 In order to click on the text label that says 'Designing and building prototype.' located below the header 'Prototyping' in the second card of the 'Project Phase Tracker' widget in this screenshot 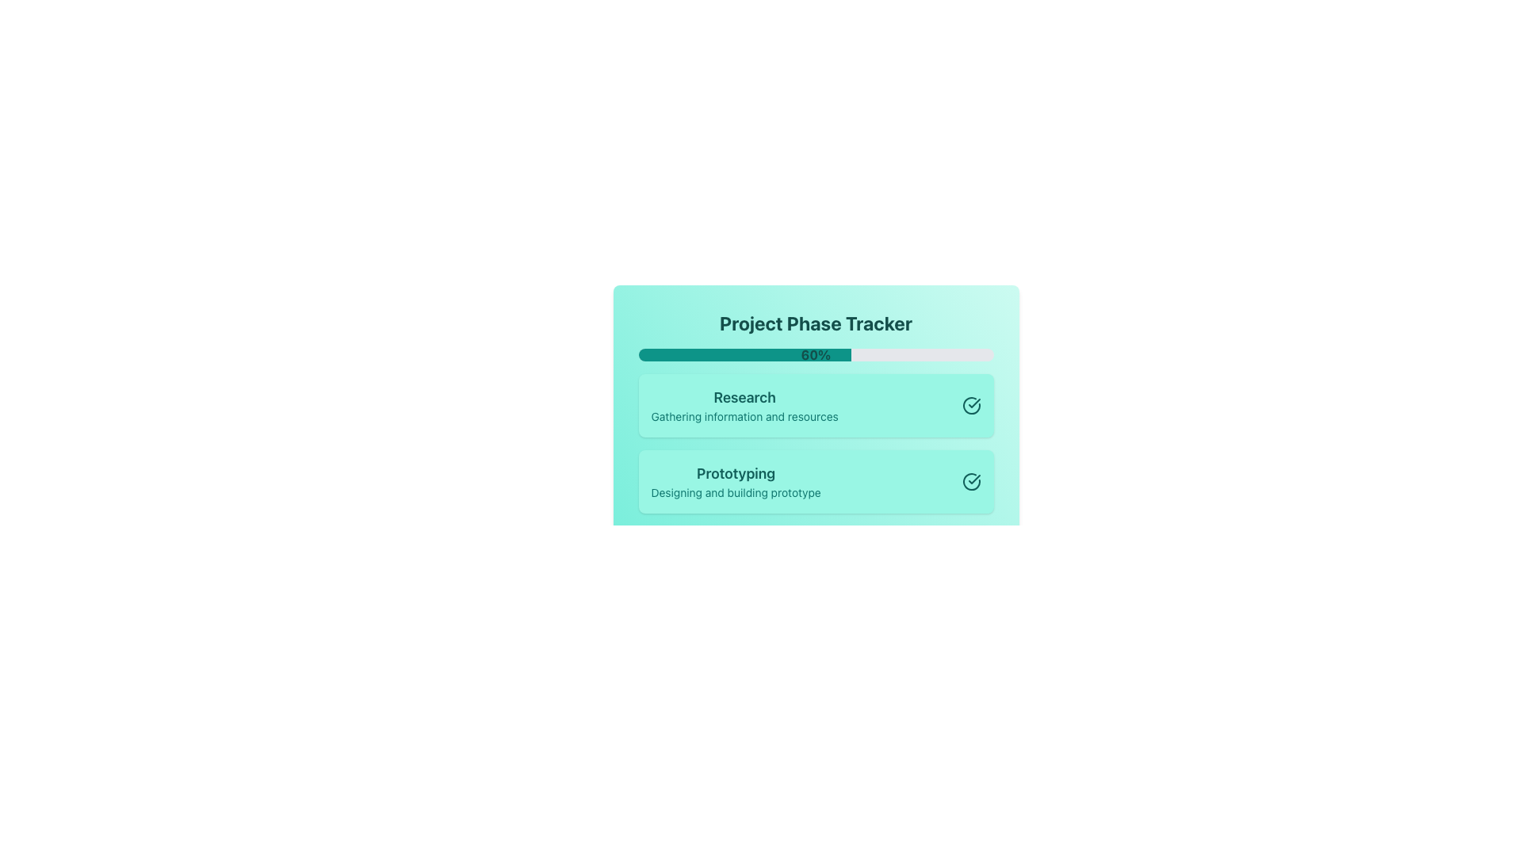, I will do `click(735, 491)`.